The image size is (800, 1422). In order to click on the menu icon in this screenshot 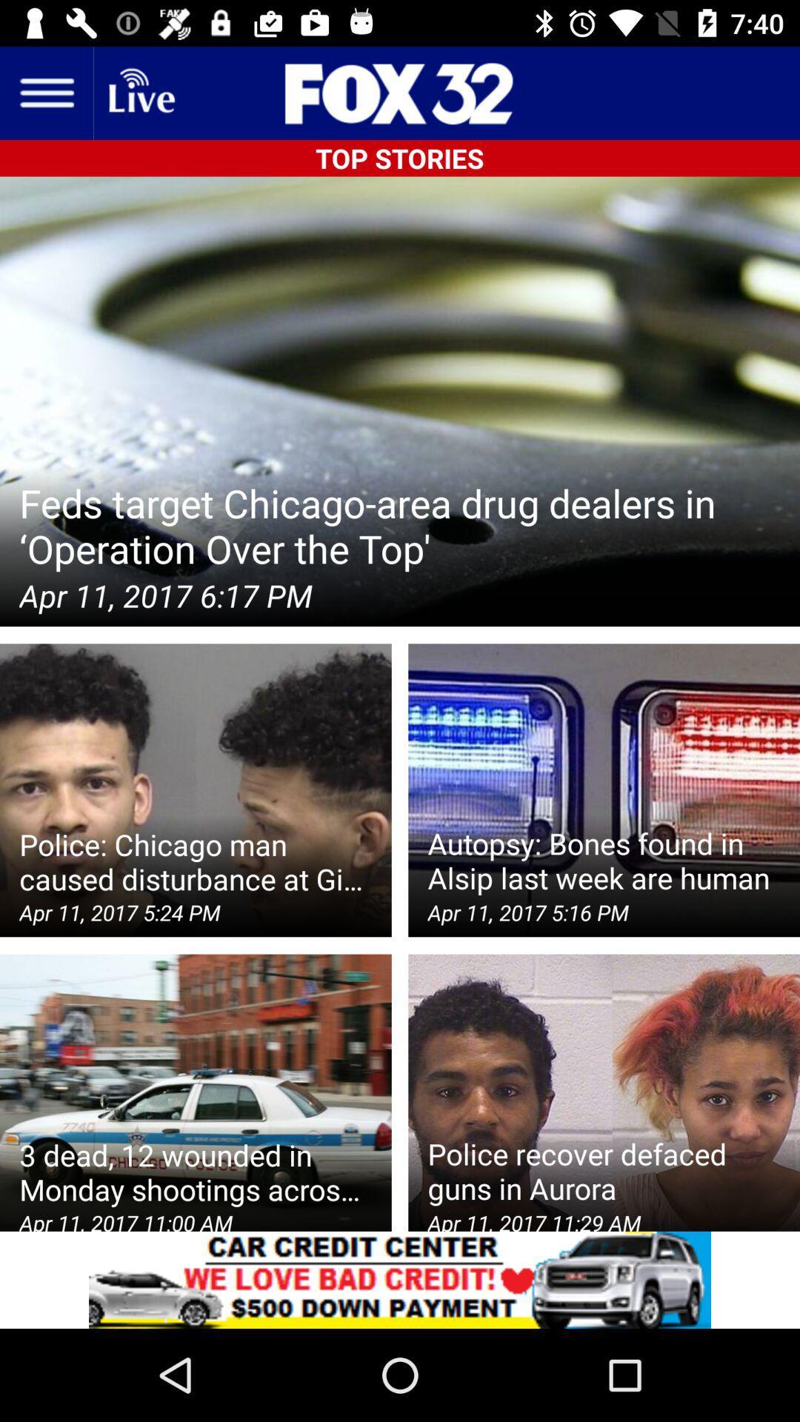, I will do `click(45, 92)`.